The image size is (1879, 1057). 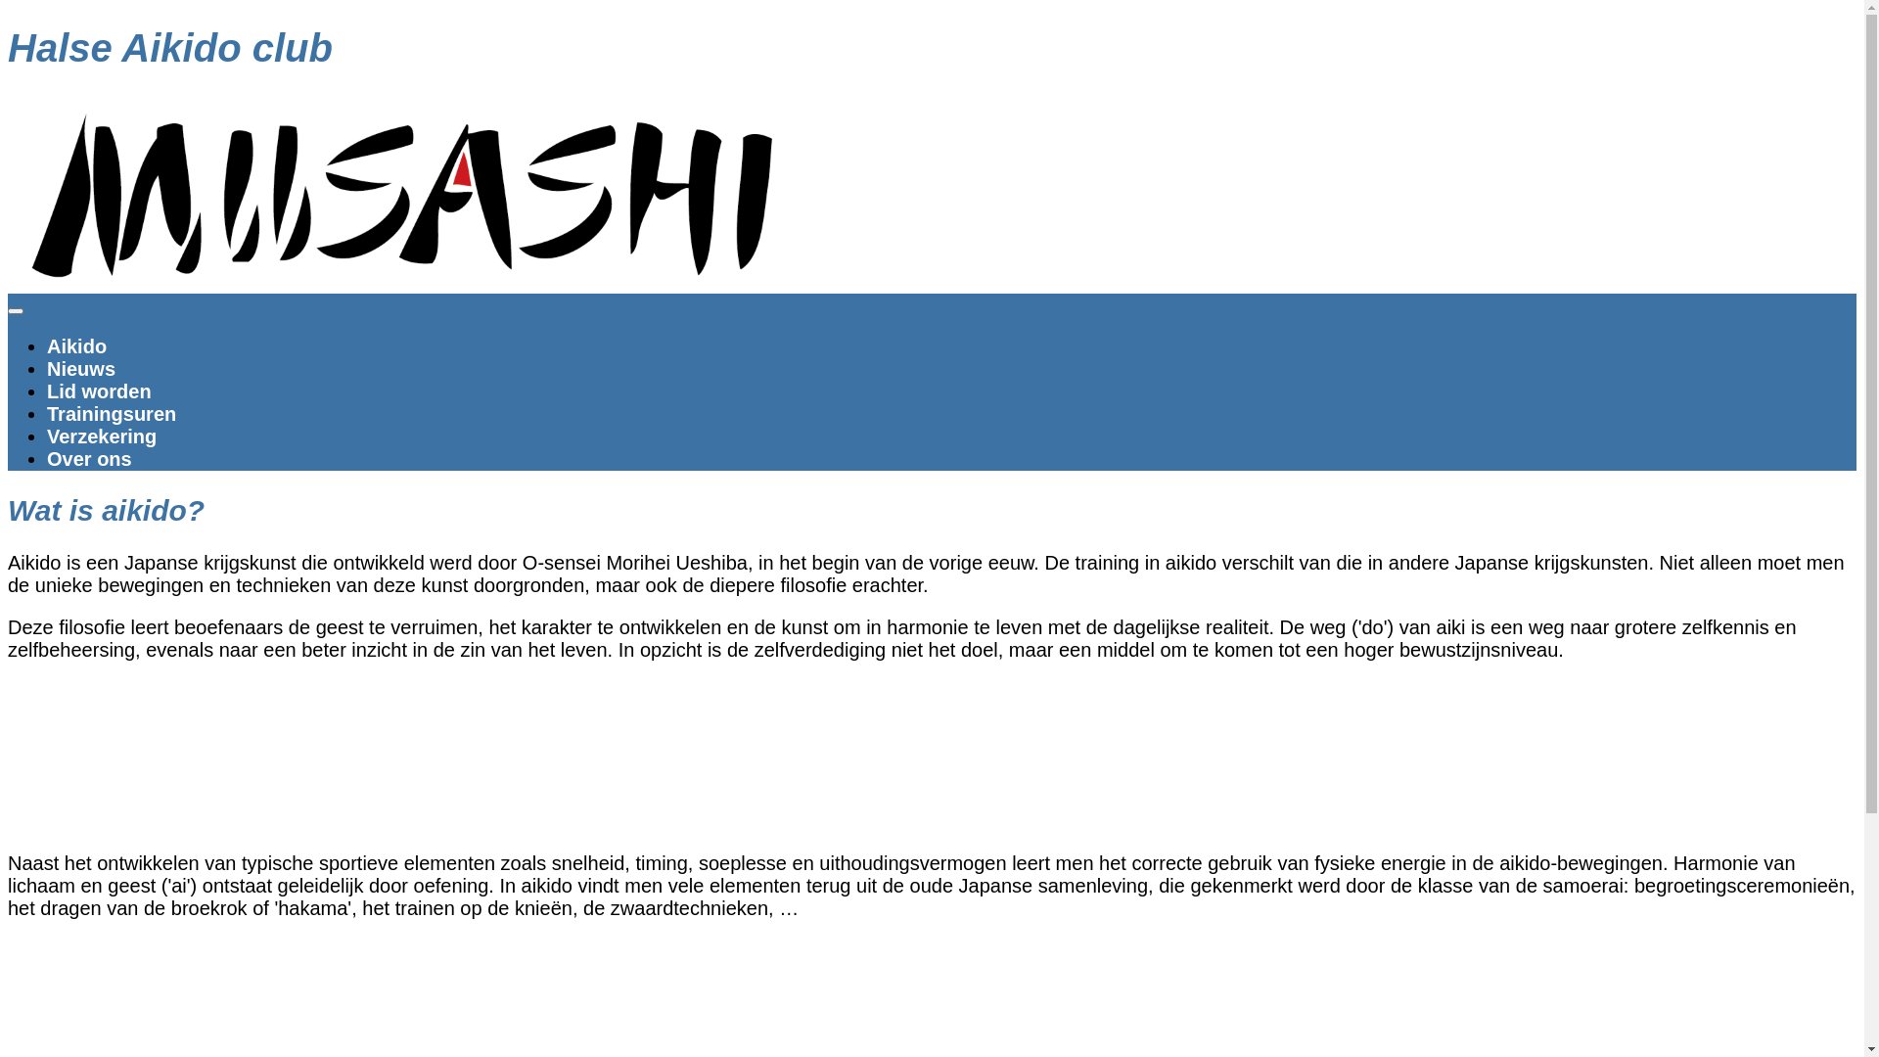 What do you see at coordinates (111, 413) in the screenshot?
I see `'Trainingsuren'` at bounding box center [111, 413].